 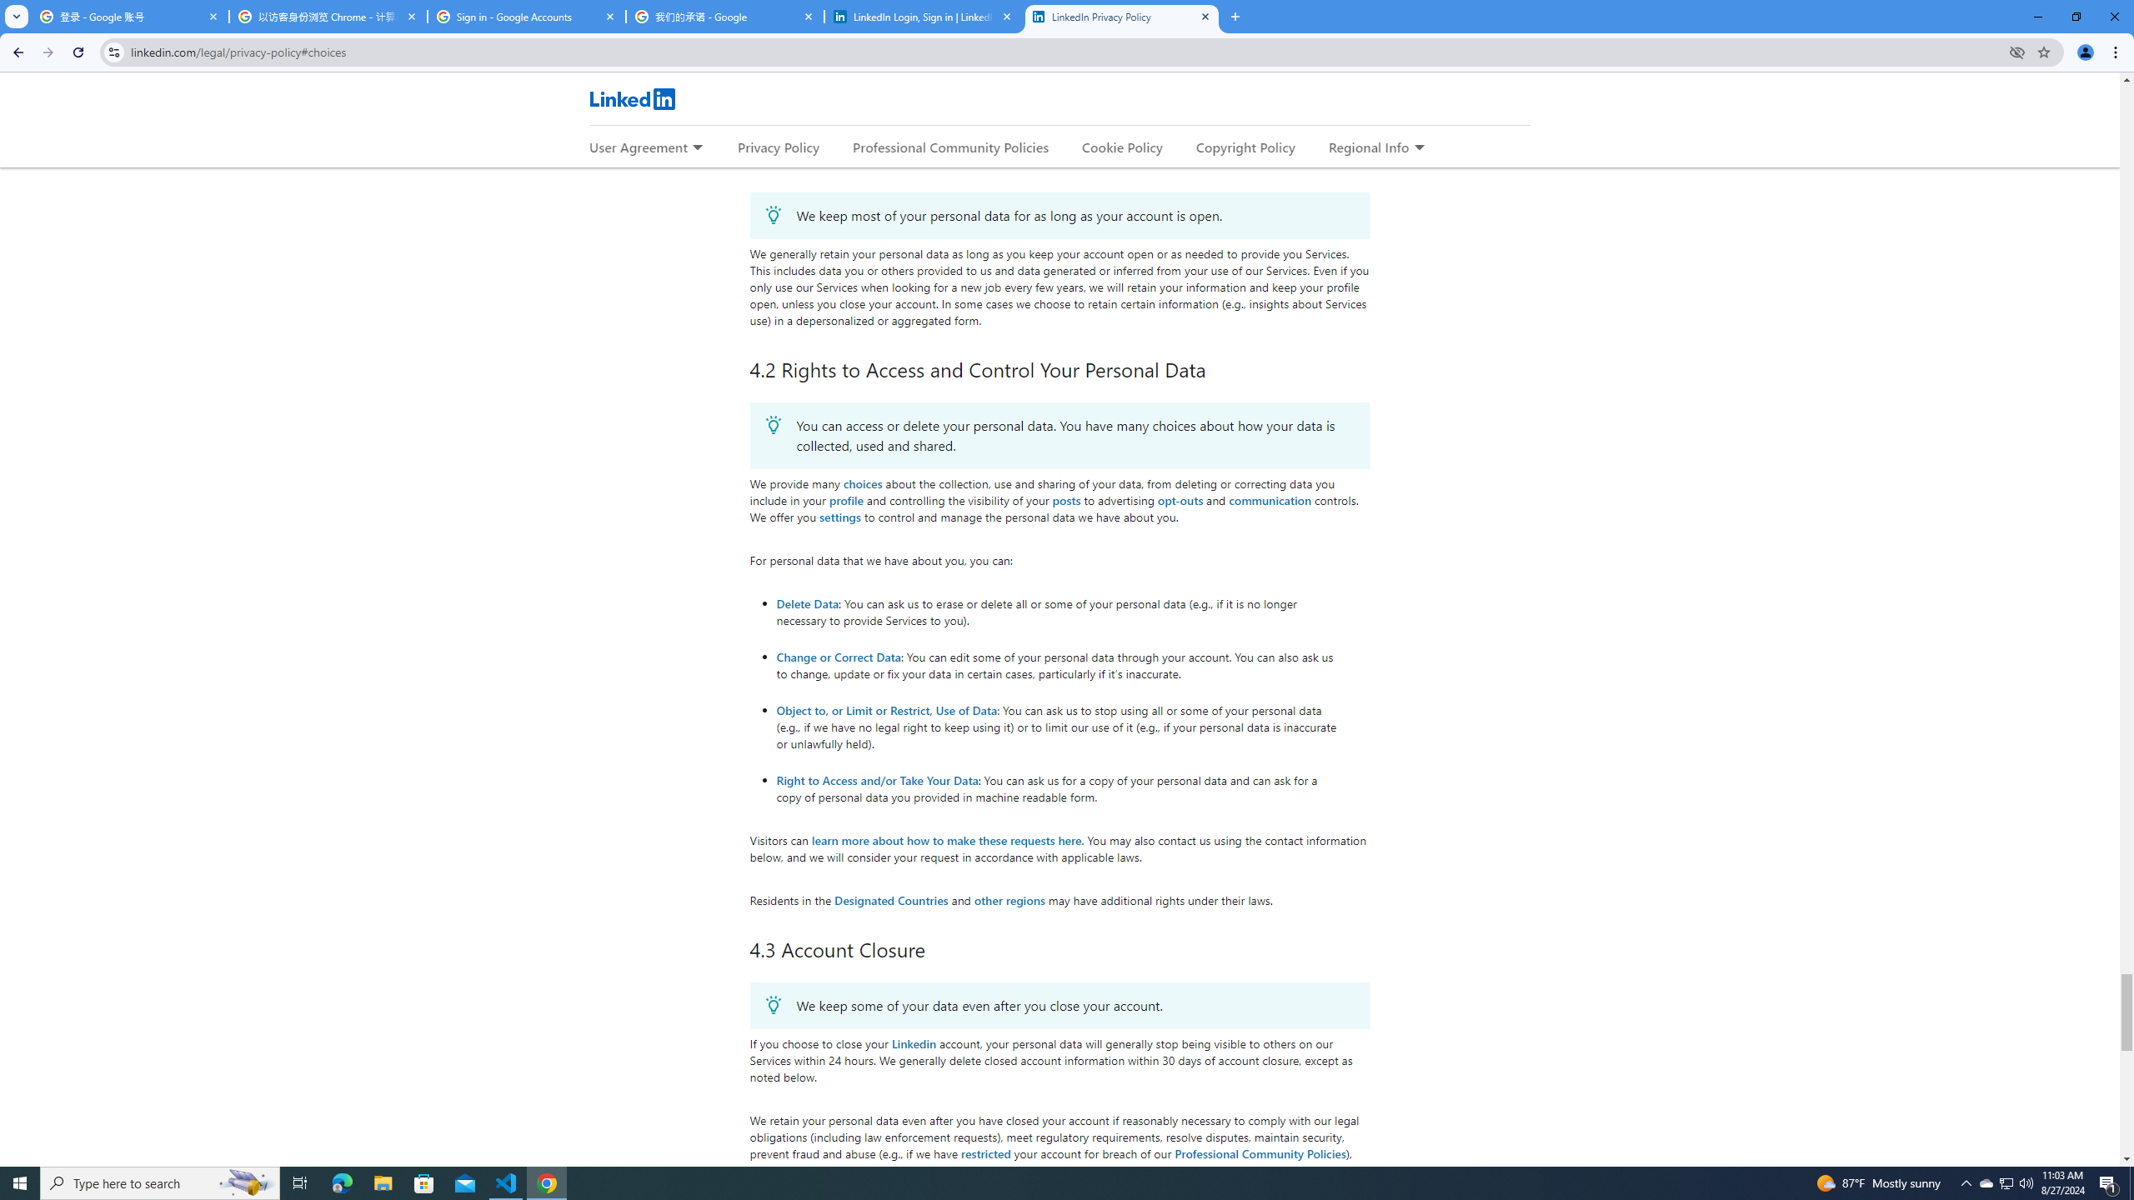 What do you see at coordinates (806, 602) in the screenshot?
I see `'Delete Data'` at bounding box center [806, 602].